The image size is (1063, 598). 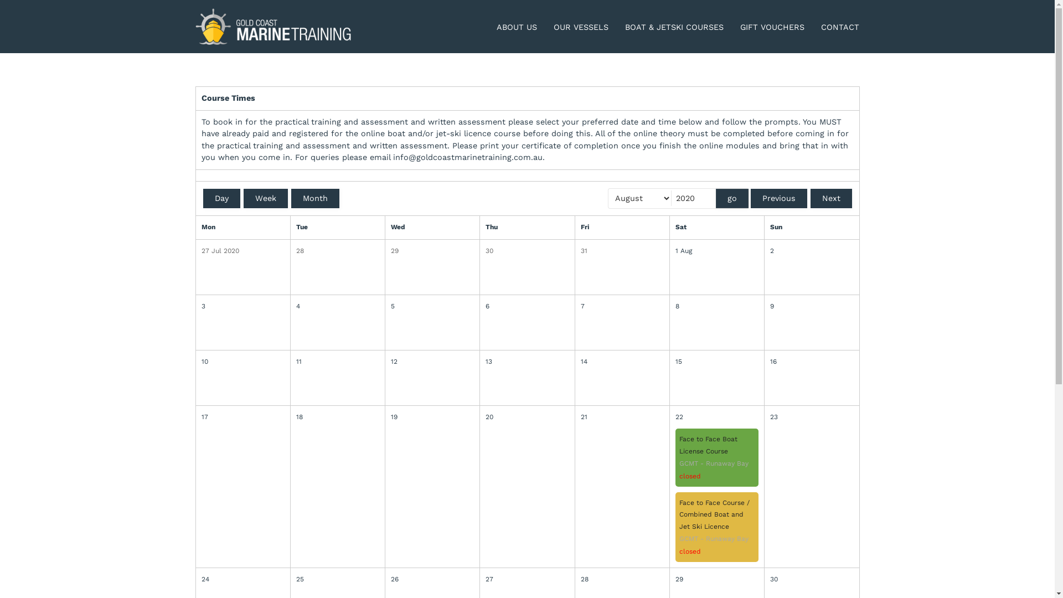 I want to click on '25', so click(x=337, y=579).